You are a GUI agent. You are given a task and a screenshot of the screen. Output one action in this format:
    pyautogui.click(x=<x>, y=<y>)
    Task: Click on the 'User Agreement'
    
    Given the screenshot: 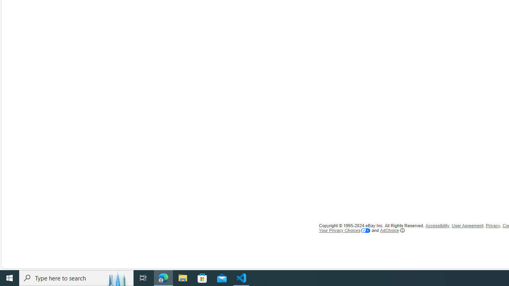 What is the action you would take?
    pyautogui.click(x=468, y=226)
    